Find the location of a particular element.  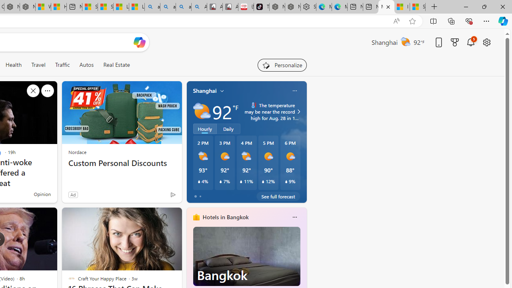

'Autos' is located at coordinates (86, 64).